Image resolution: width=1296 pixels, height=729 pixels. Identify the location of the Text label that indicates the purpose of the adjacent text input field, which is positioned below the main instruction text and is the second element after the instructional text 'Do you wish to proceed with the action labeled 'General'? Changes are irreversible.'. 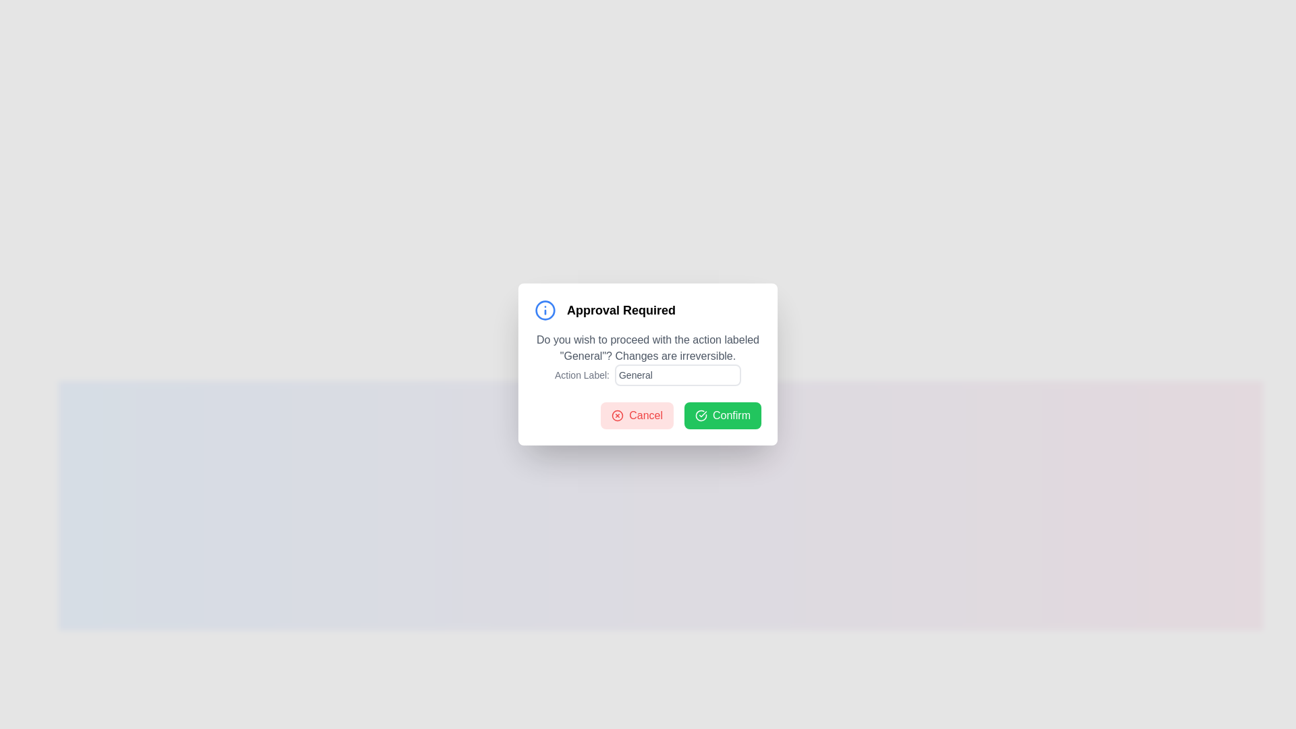
(648, 375).